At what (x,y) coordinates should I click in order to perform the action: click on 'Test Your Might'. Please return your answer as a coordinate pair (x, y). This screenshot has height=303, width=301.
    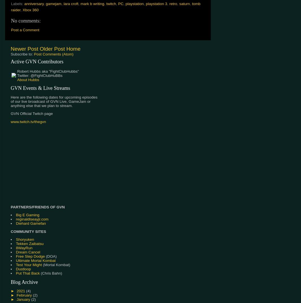
    Looking at the image, I should click on (28, 264).